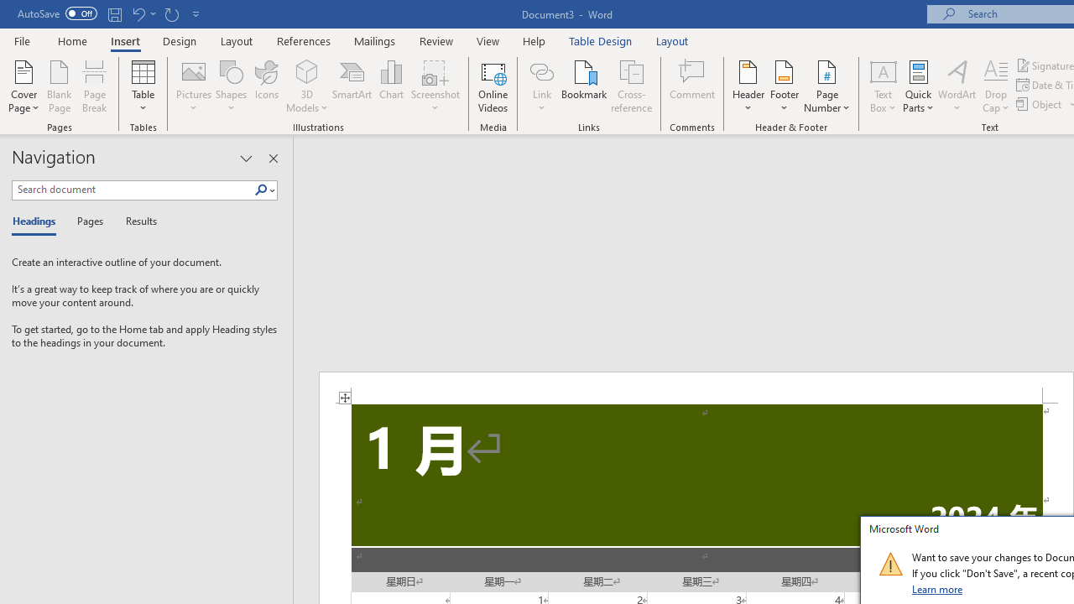  Describe the element at coordinates (307, 70) in the screenshot. I see `'3D Models'` at that location.